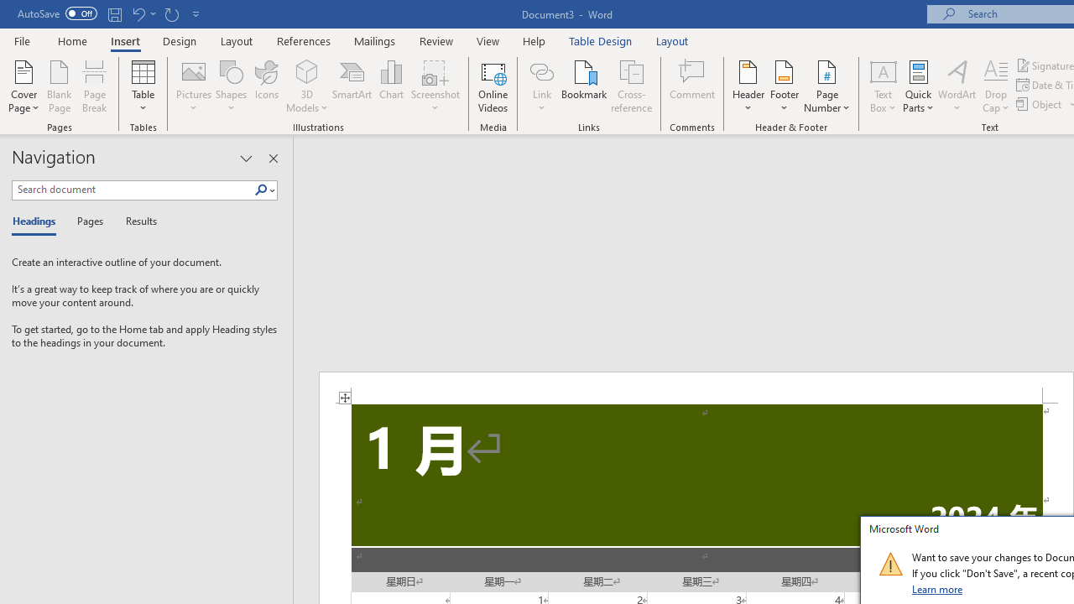  Describe the element at coordinates (307, 70) in the screenshot. I see `'3D Models'` at that location.